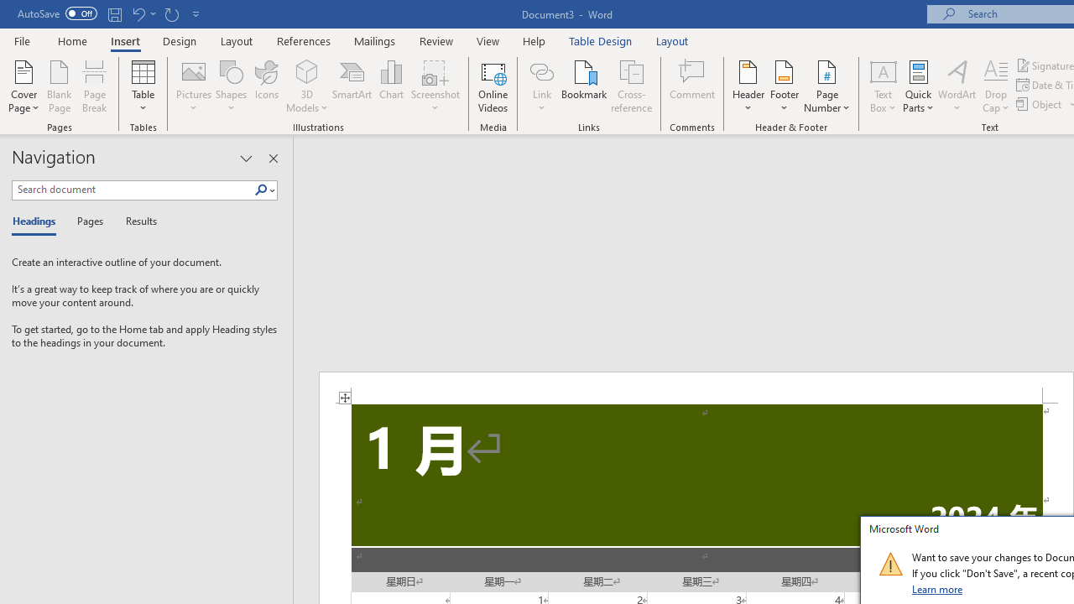  Describe the element at coordinates (307, 70) in the screenshot. I see `'3D Models'` at that location.